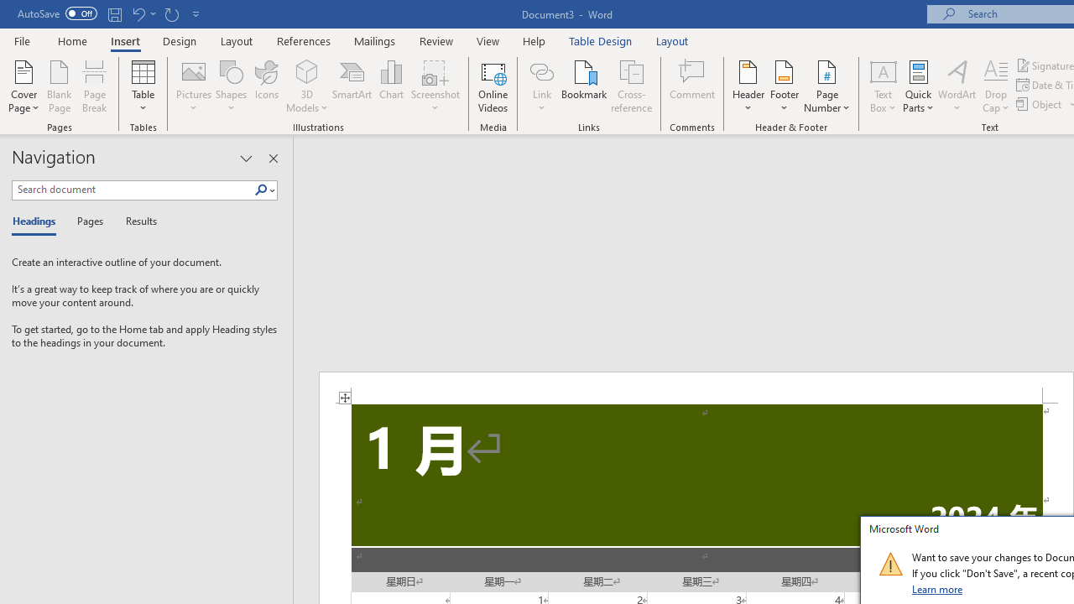  Describe the element at coordinates (307, 70) in the screenshot. I see `'3D Models'` at that location.